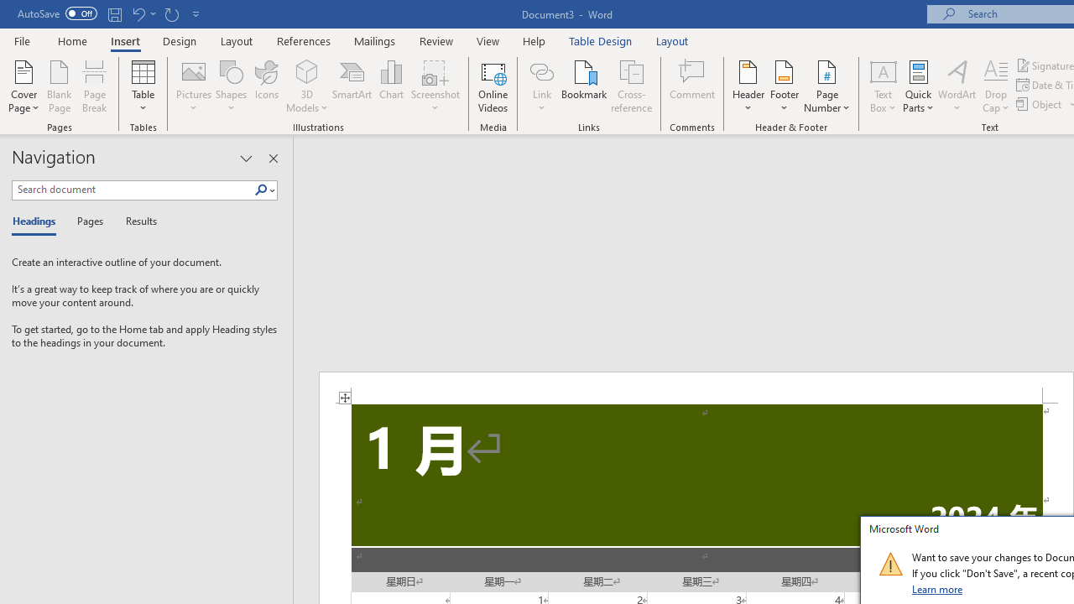  Describe the element at coordinates (307, 70) in the screenshot. I see `'3D Models'` at that location.